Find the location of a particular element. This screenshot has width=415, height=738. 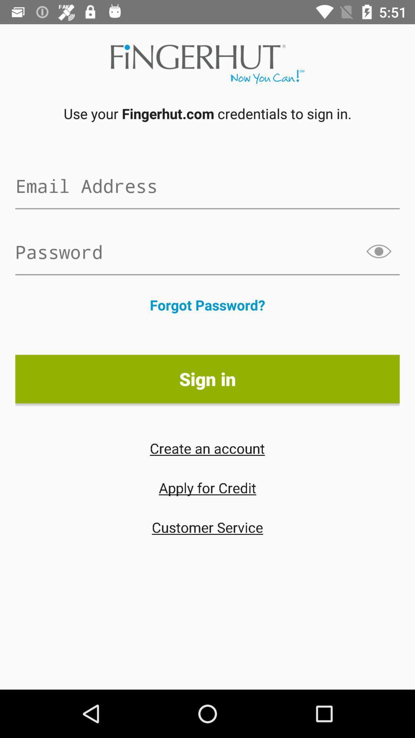

the icon below the create an account icon is located at coordinates (207, 487).